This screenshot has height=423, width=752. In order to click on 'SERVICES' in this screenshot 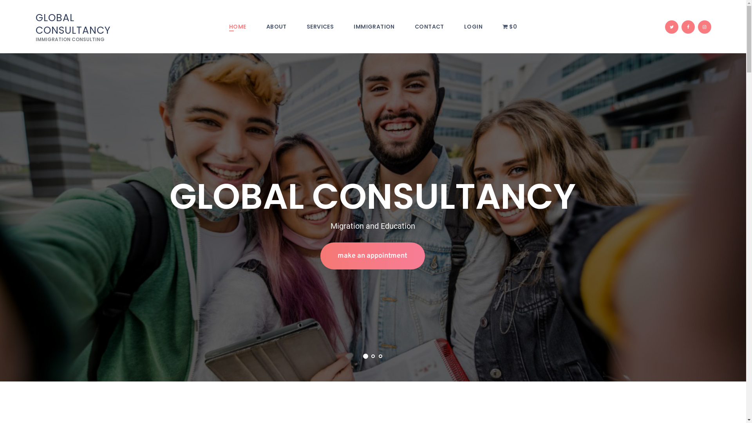, I will do `click(320, 27)`.